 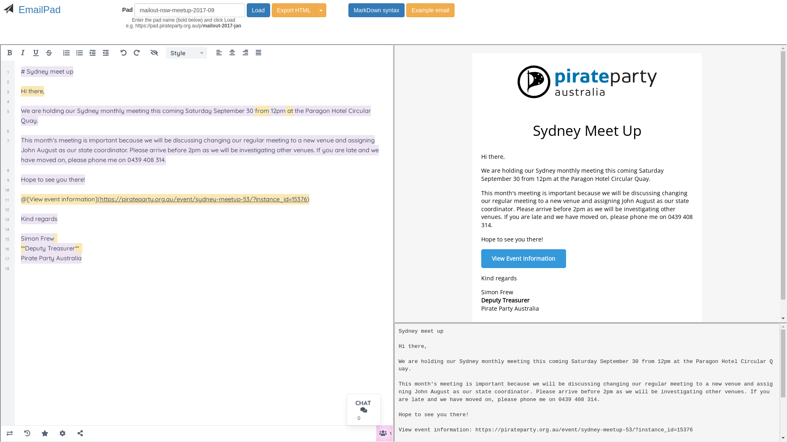 I want to click on 'Load', so click(x=258, y=10).